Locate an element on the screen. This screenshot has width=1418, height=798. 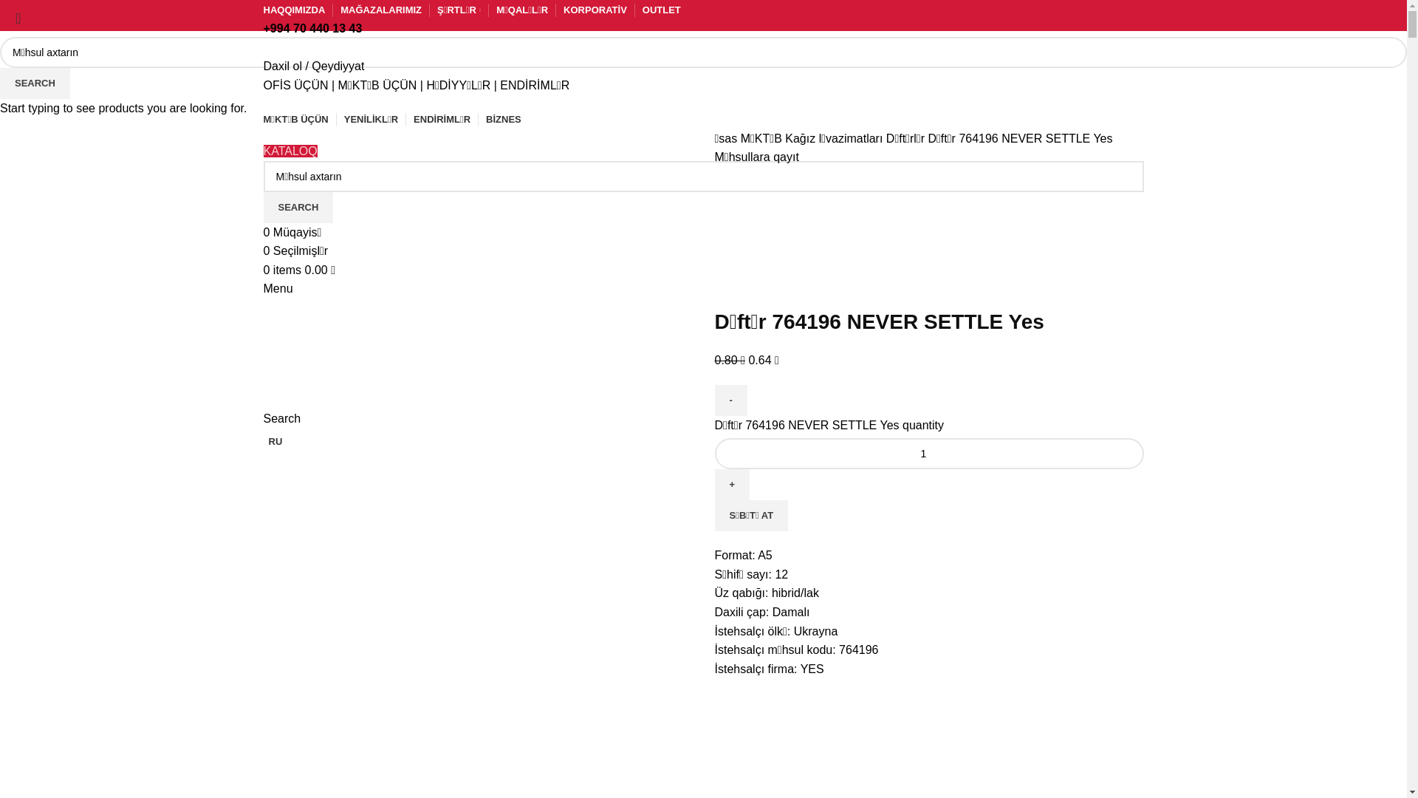
'SEARCH' is located at coordinates (35, 83).